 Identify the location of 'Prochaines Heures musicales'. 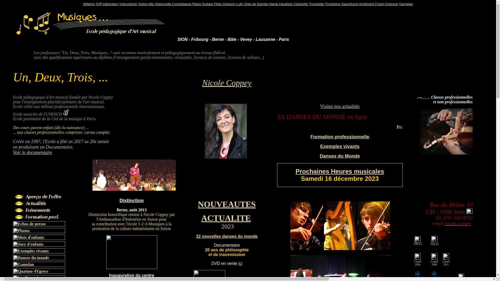
(340, 171).